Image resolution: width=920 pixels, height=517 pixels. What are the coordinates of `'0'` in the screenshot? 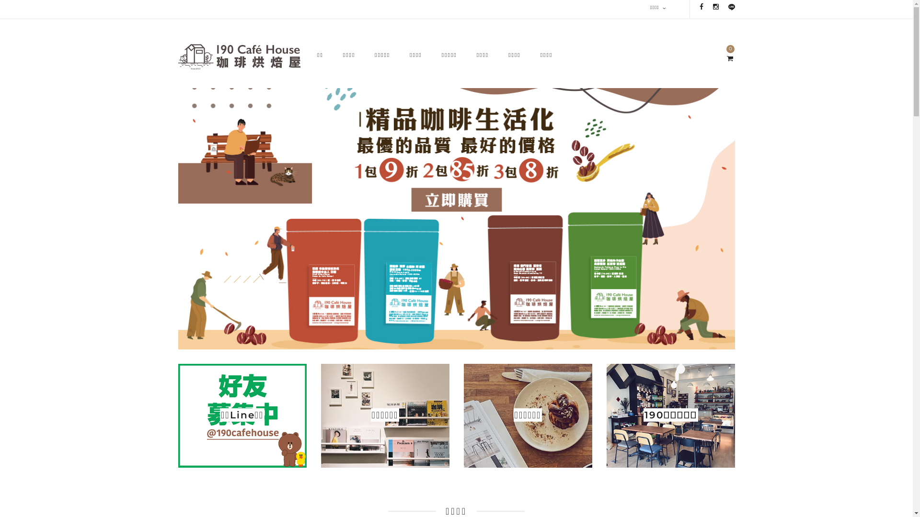 It's located at (729, 58).